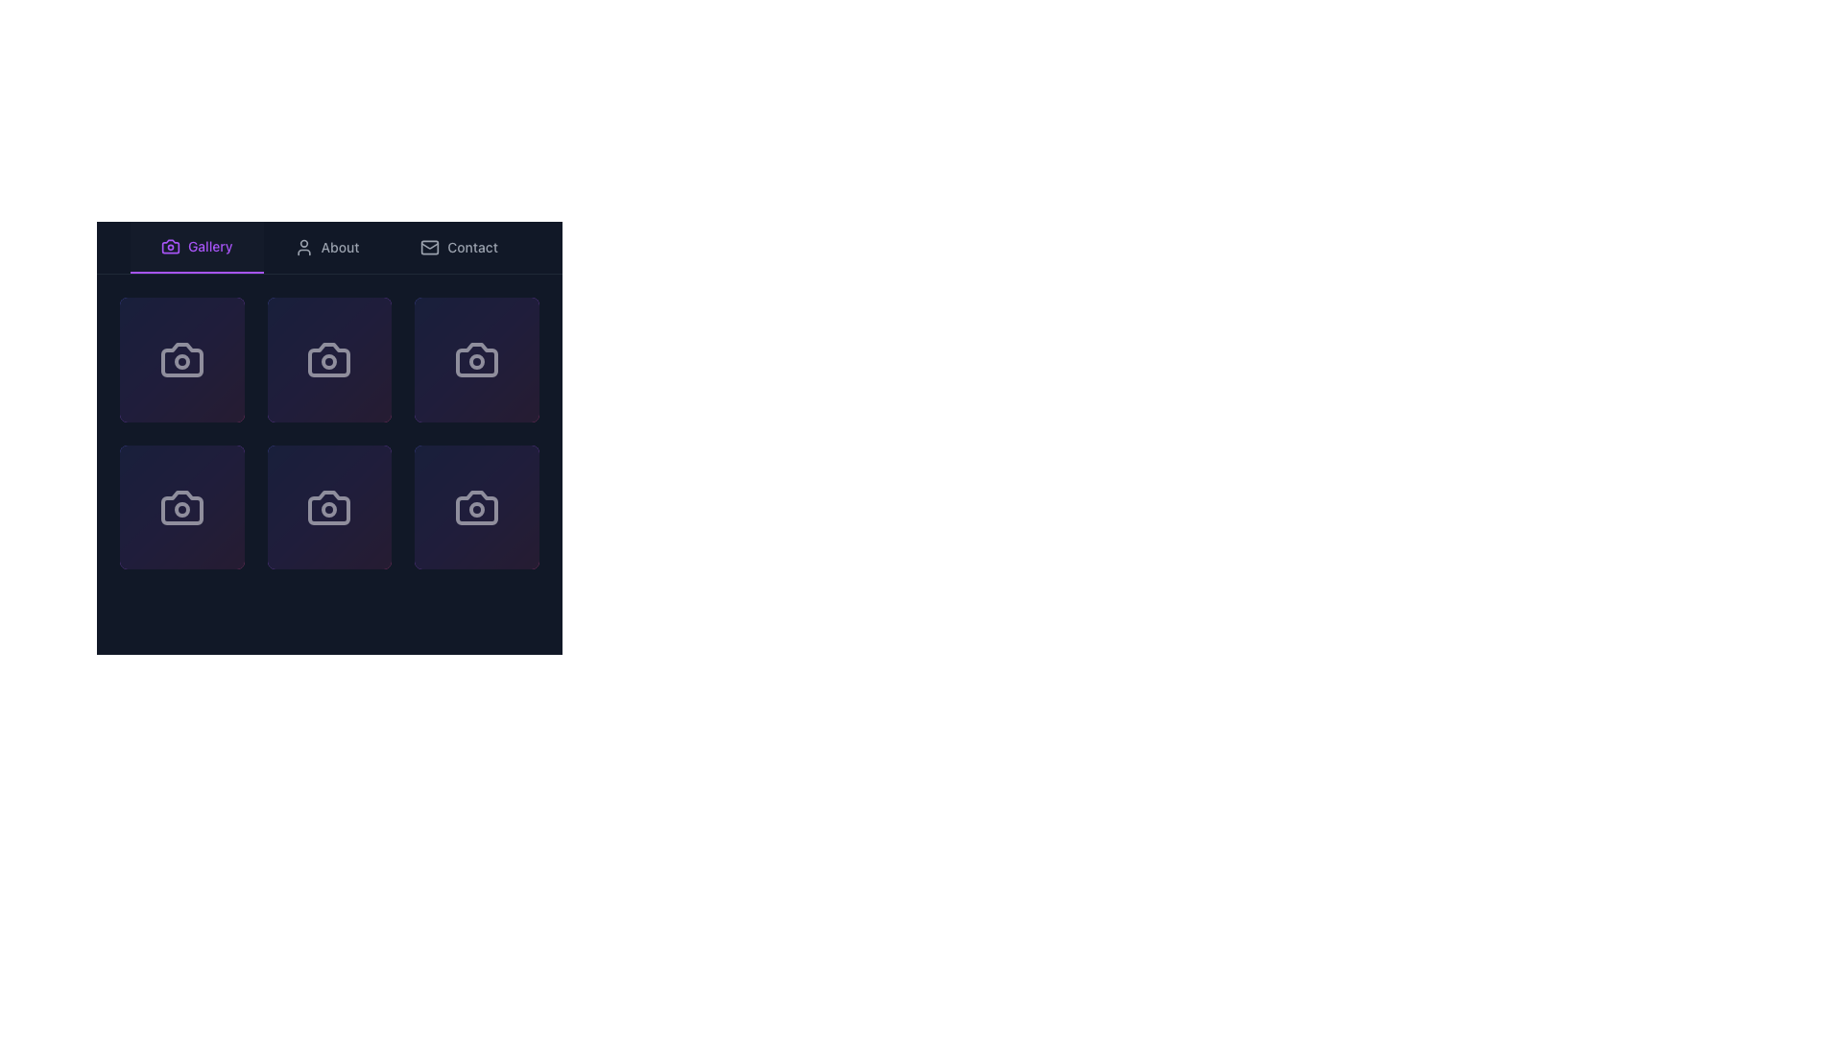  Describe the element at coordinates (181, 359) in the screenshot. I see `the first camera icon in the top-left corner of the grid layout` at that location.